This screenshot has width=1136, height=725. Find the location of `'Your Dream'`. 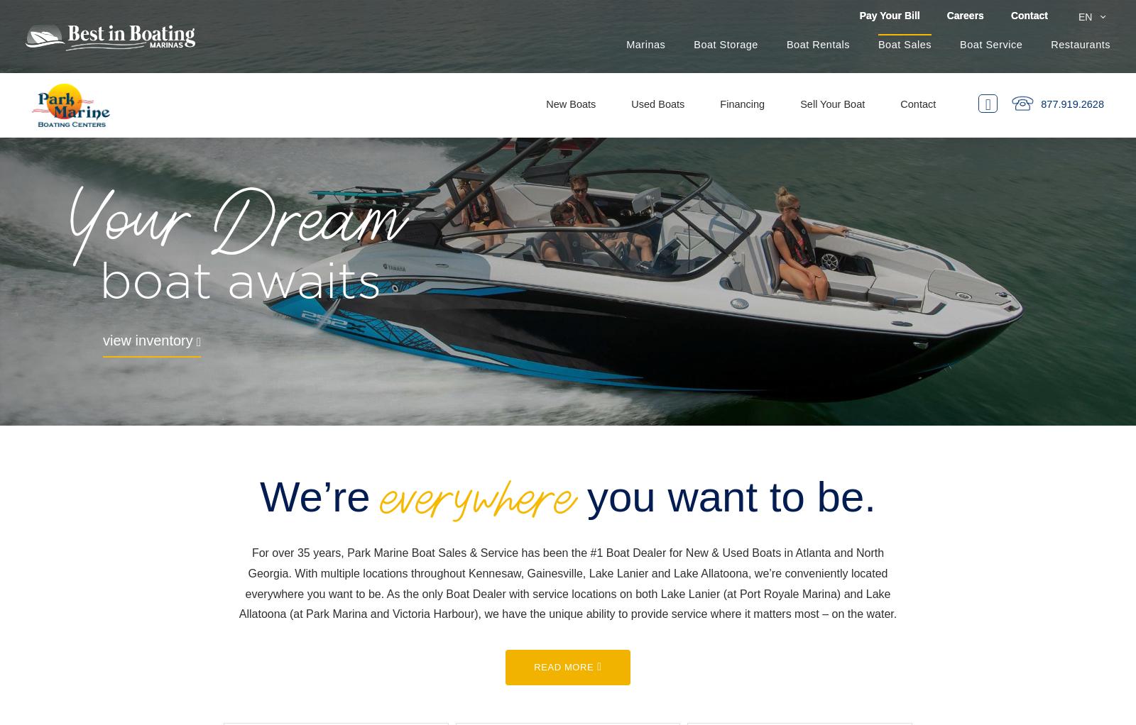

'Your Dream' is located at coordinates (236, 226).